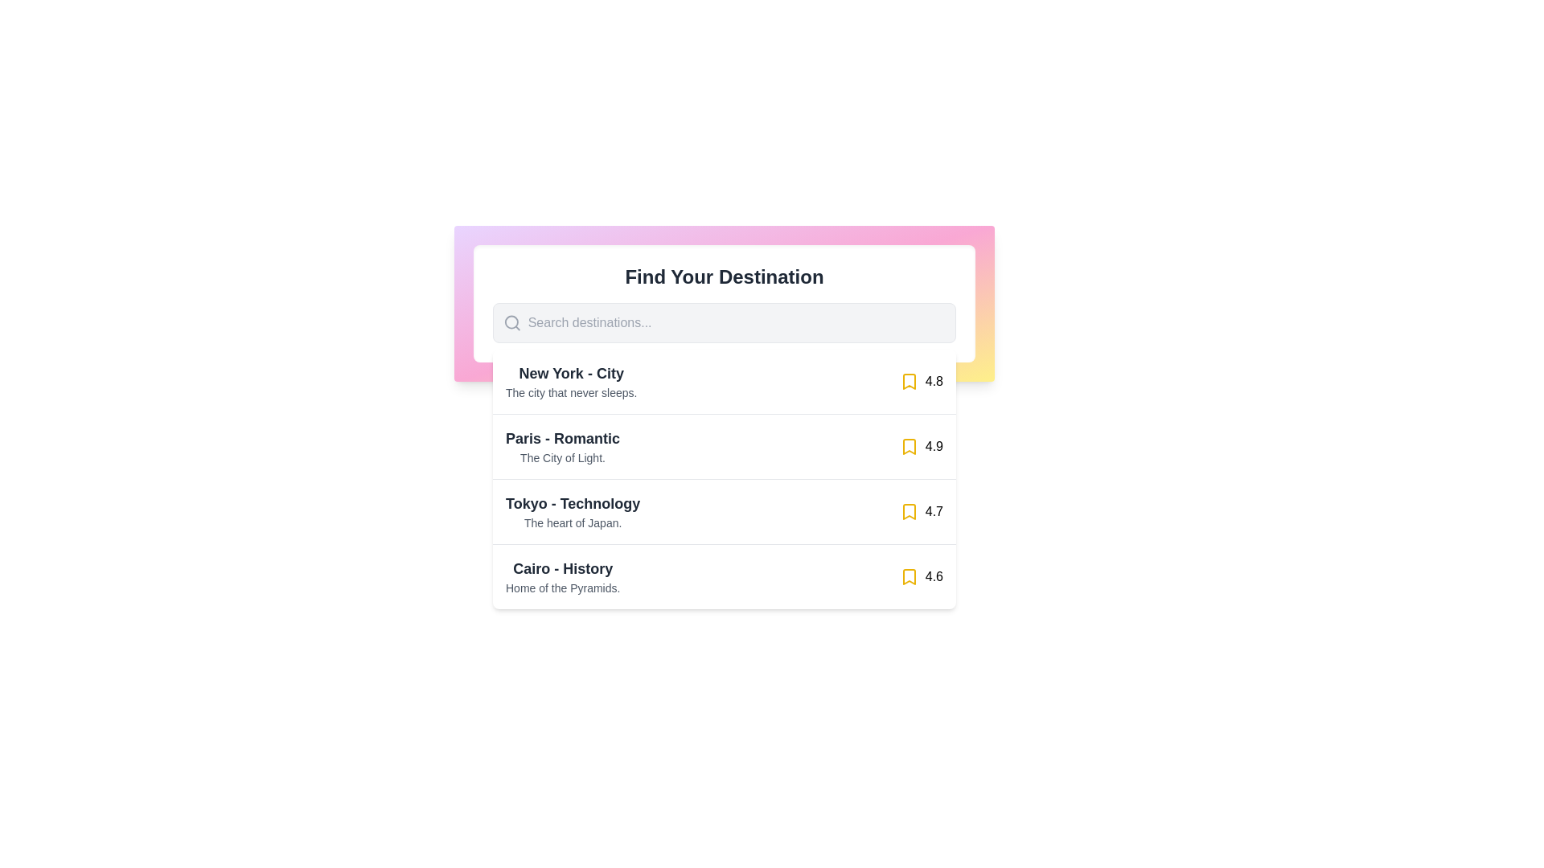 This screenshot has width=1544, height=868. Describe the element at coordinates (573, 511) in the screenshot. I see `the surrounding areas of the text block labeled 'Tokyo - Technology' within the travel destination selection interface, which is located in the third row under 'Find Your Destination'` at that location.